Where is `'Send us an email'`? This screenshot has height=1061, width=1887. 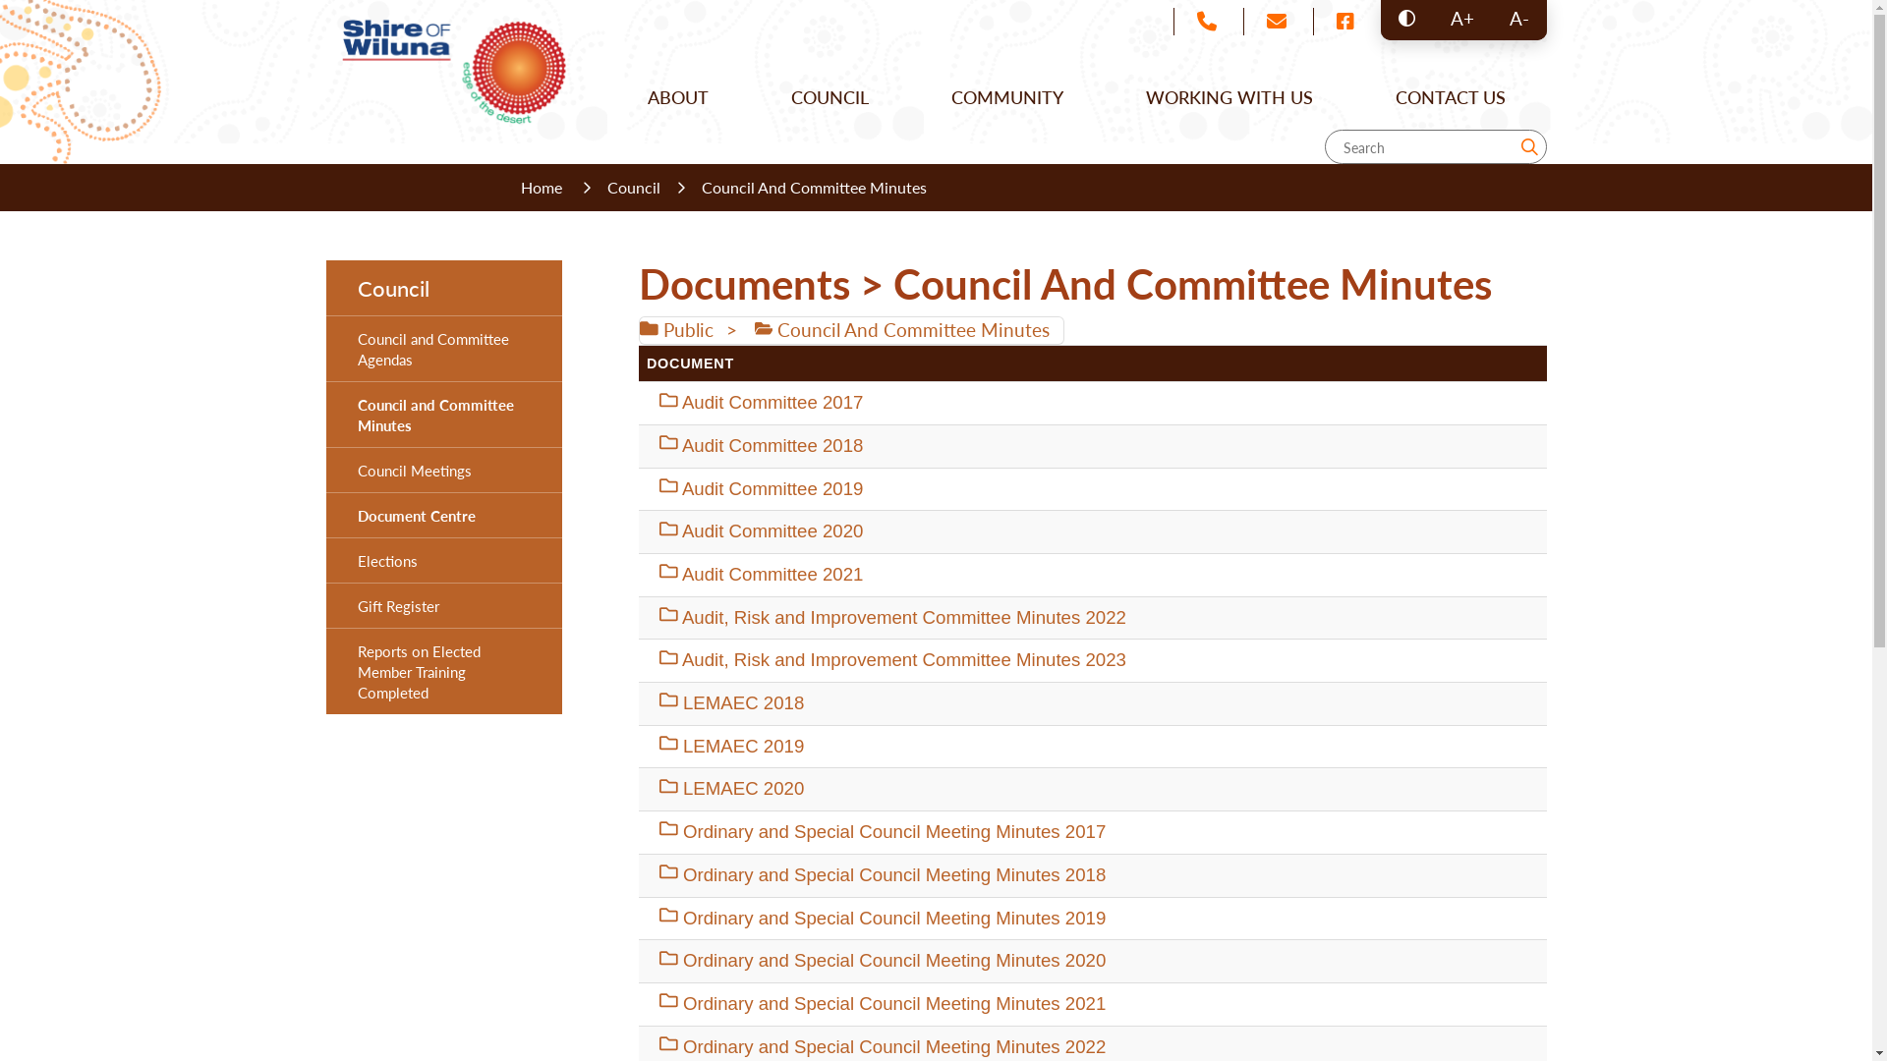
'Send us an email' is located at coordinates (1275, 22).